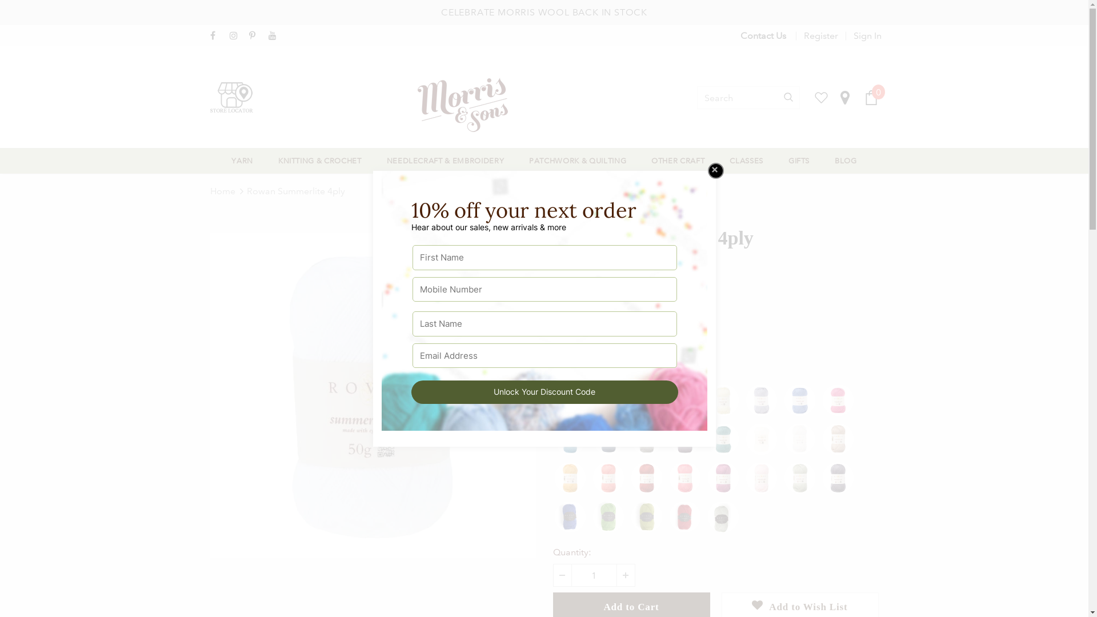 The height and width of the screenshot is (617, 1097). Describe the element at coordinates (529, 161) in the screenshot. I see `'PATCHWORK & QUILTING'` at that location.